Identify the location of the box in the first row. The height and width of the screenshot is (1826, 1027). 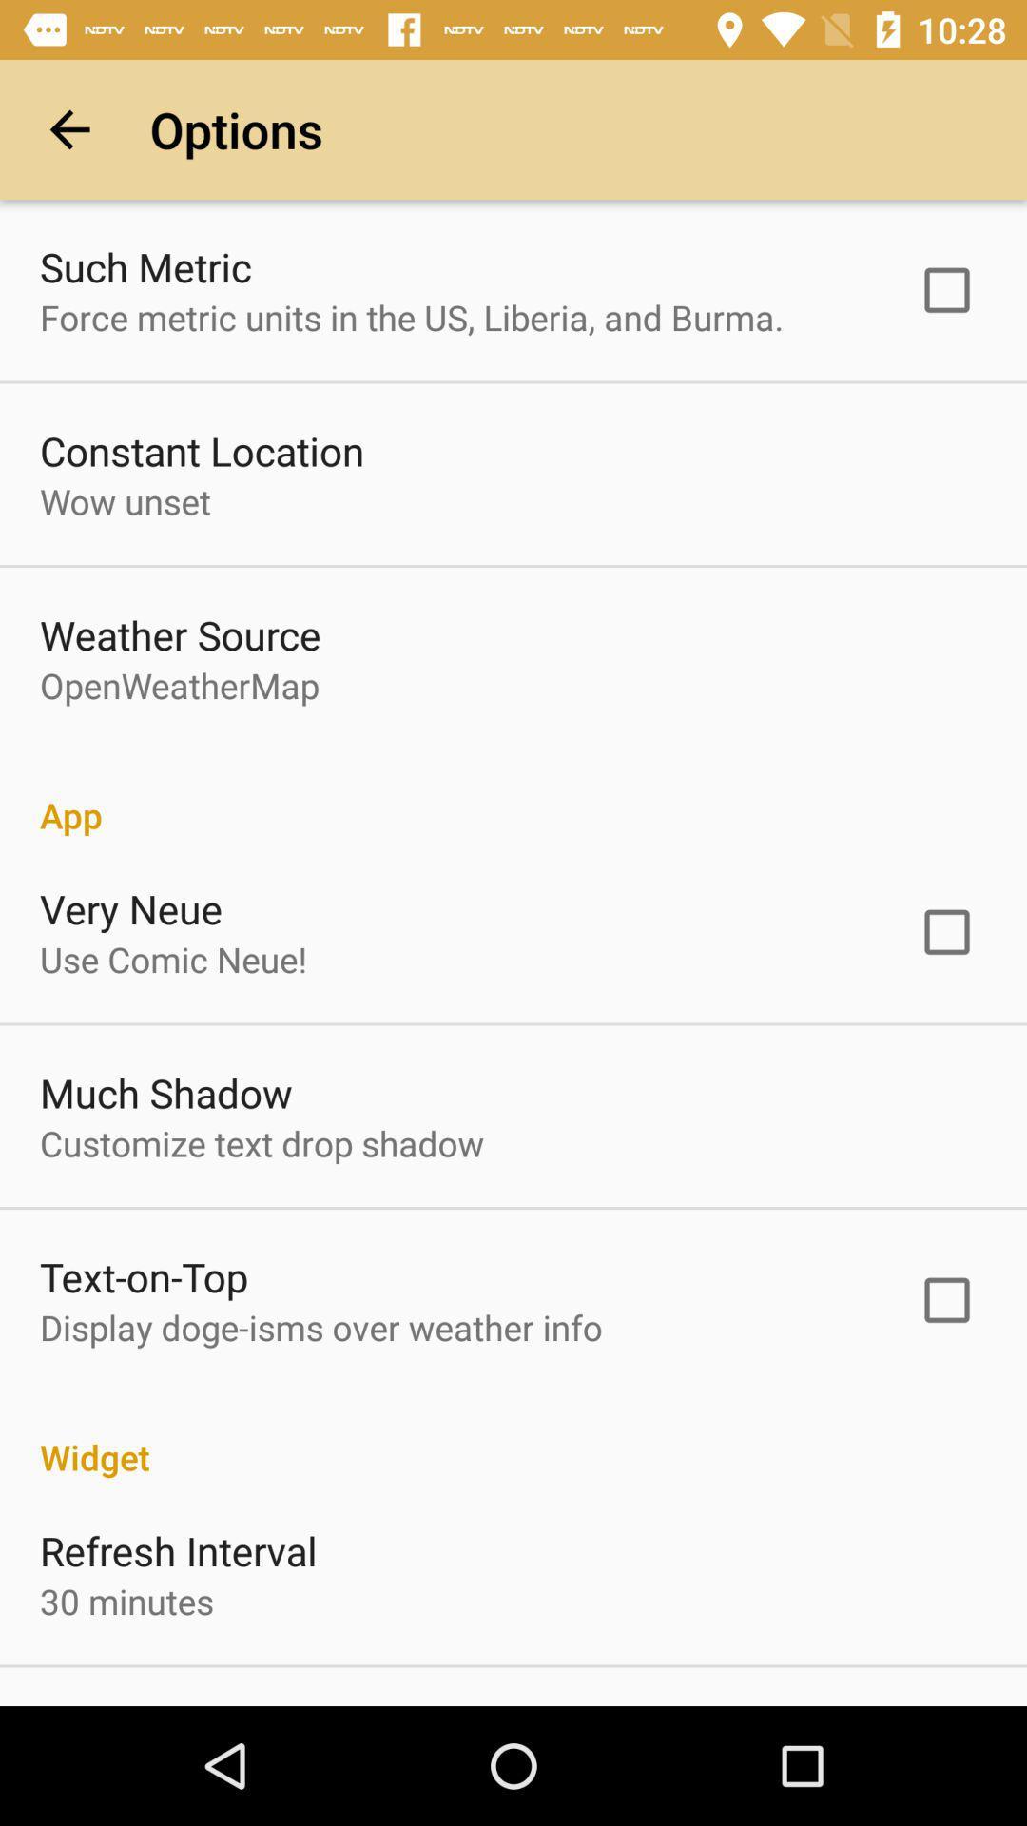
(946, 289).